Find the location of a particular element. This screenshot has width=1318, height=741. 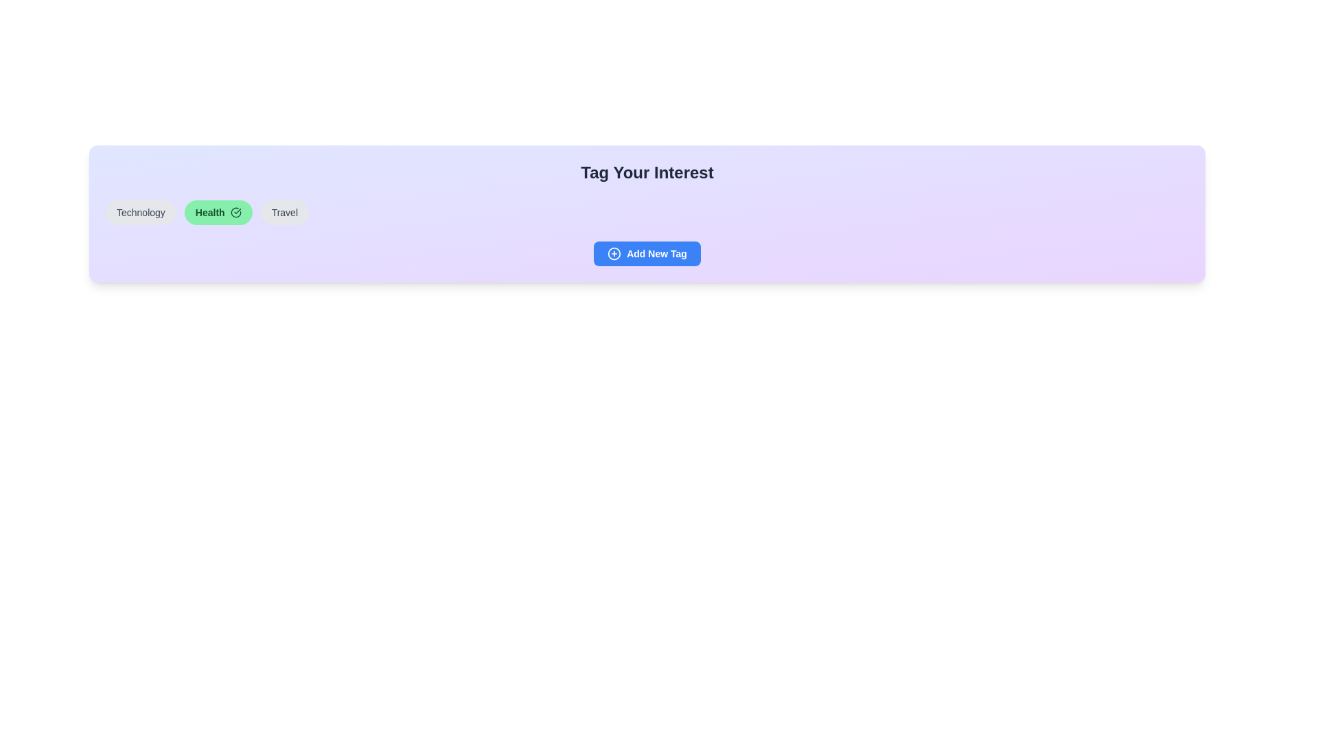

the 'Travel' tag label button, which is the third label in a horizontal sequence of tags labeled 'Technology', 'Health', and 'Travel' is located at coordinates (284, 212).